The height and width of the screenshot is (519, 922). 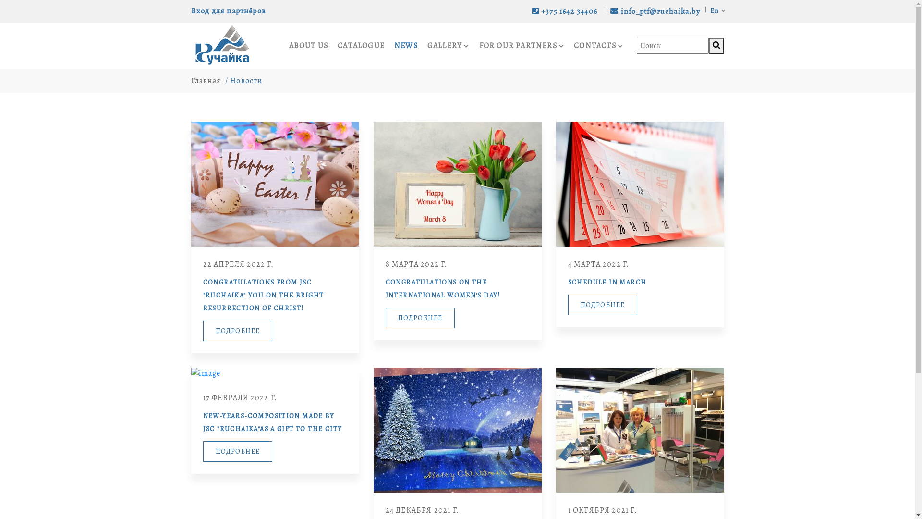 What do you see at coordinates (530, 11) in the screenshot?
I see `' +375 1642 34406 '` at bounding box center [530, 11].